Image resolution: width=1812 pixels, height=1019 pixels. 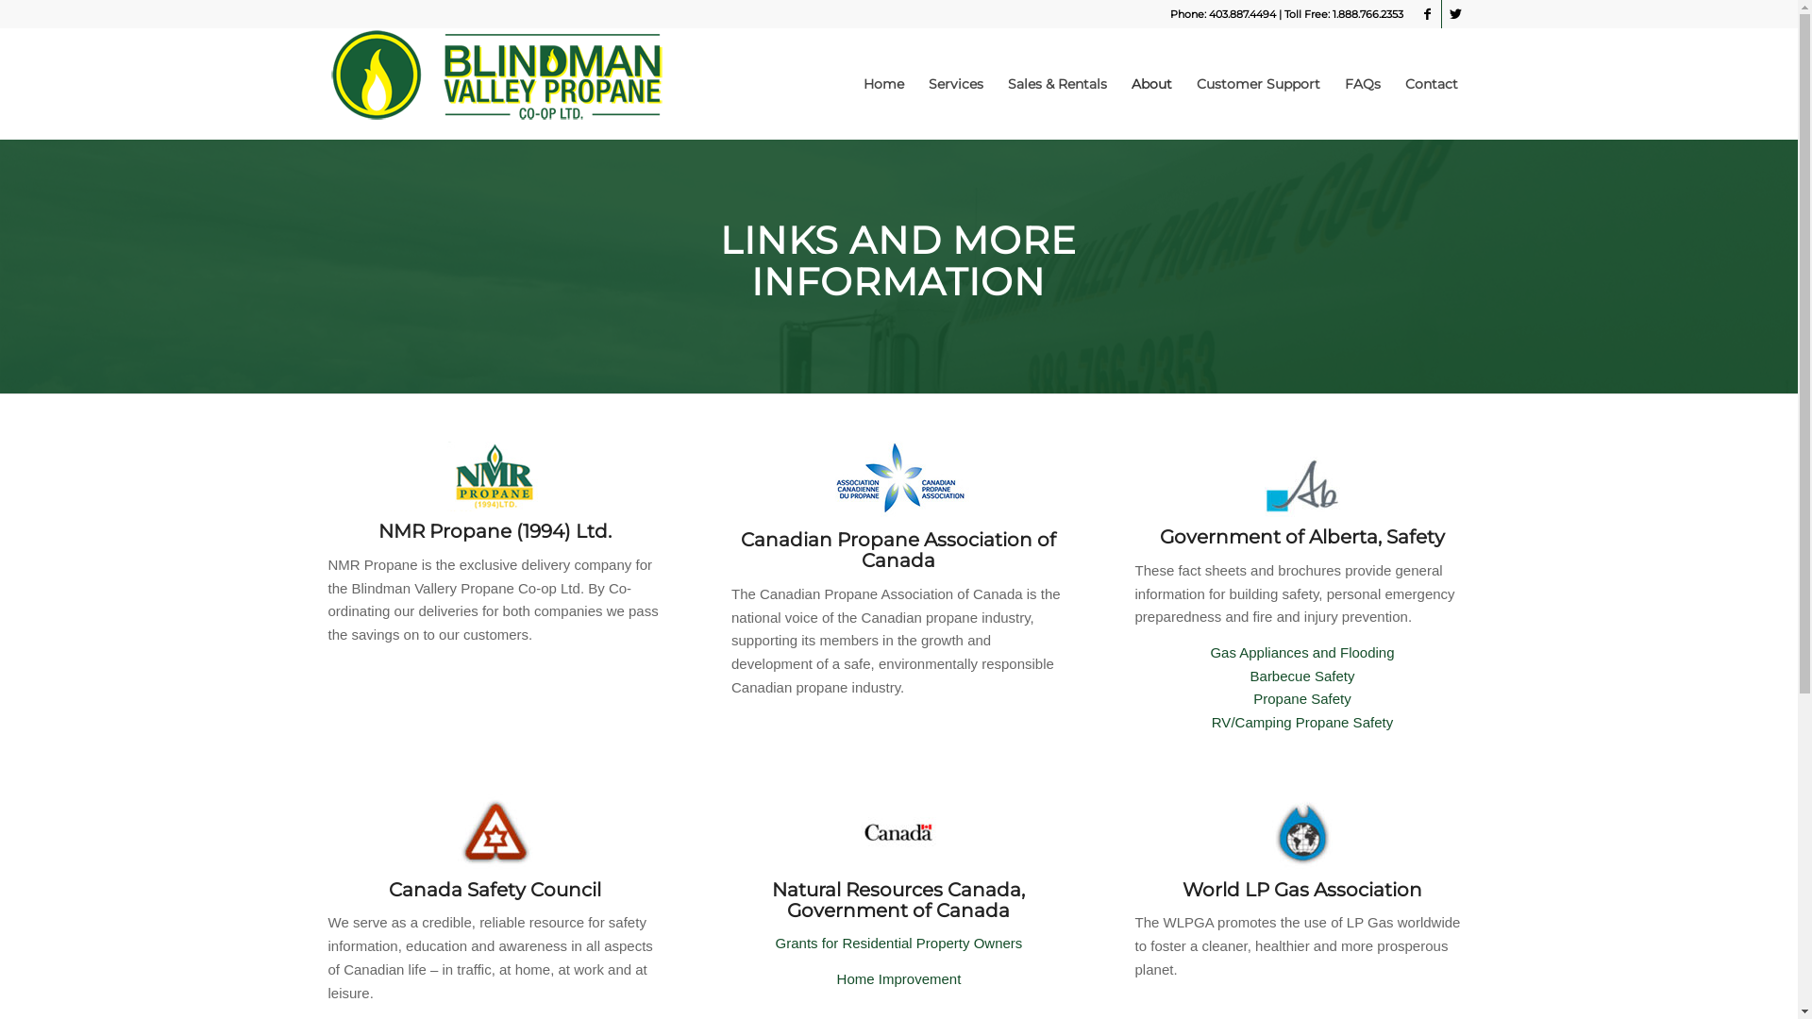 I want to click on 'Twitter', so click(x=1440, y=14).